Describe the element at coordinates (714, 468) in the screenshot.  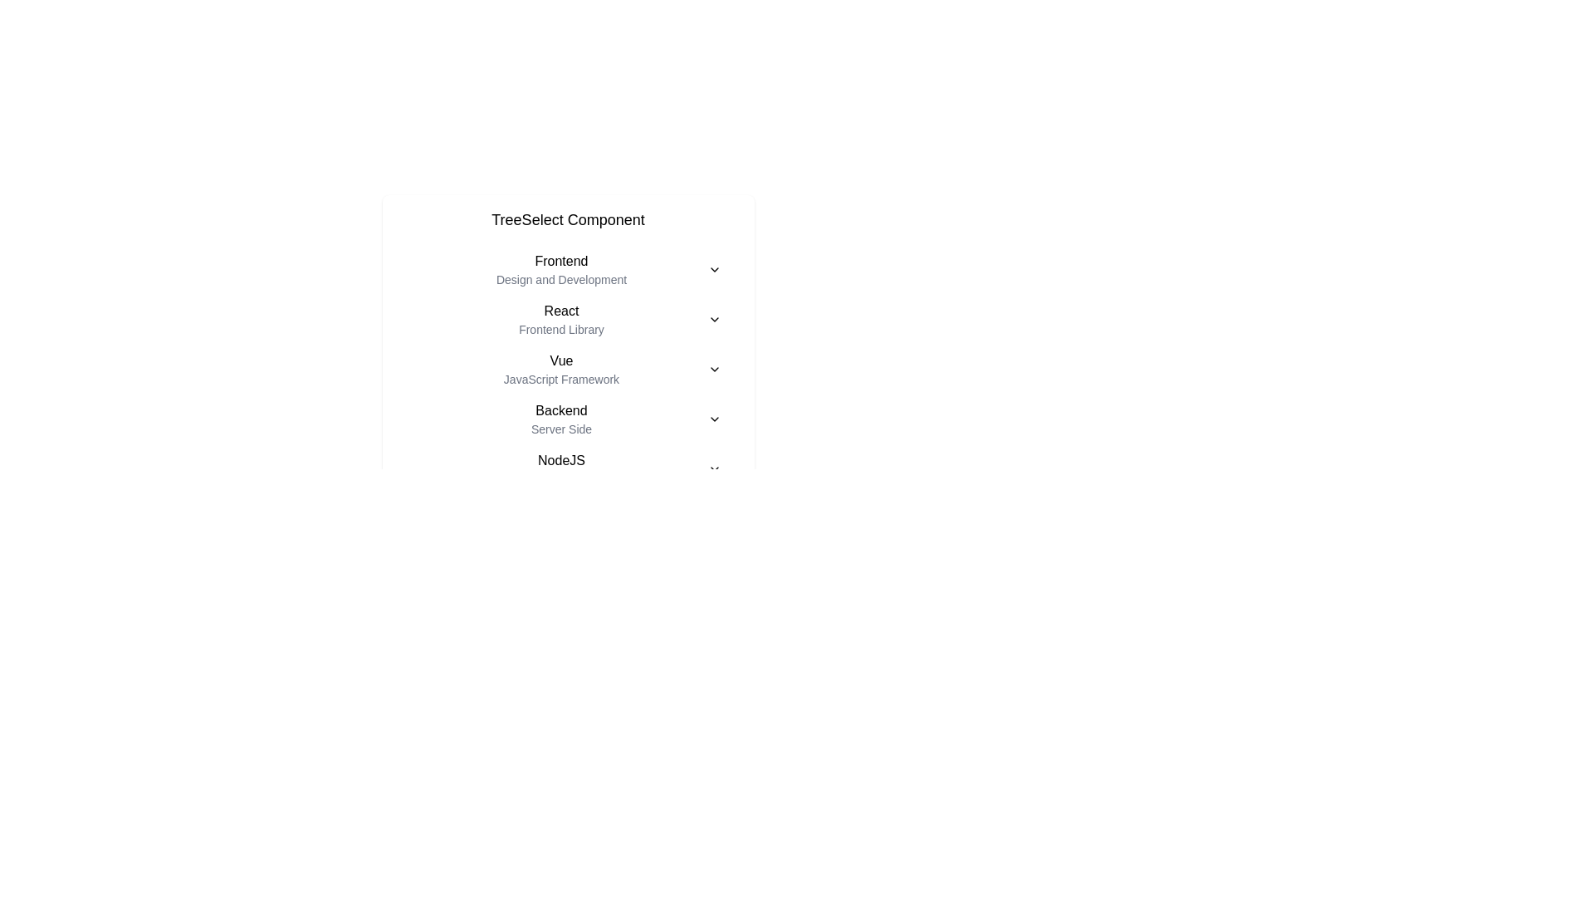
I see `the chevron icon` at that location.